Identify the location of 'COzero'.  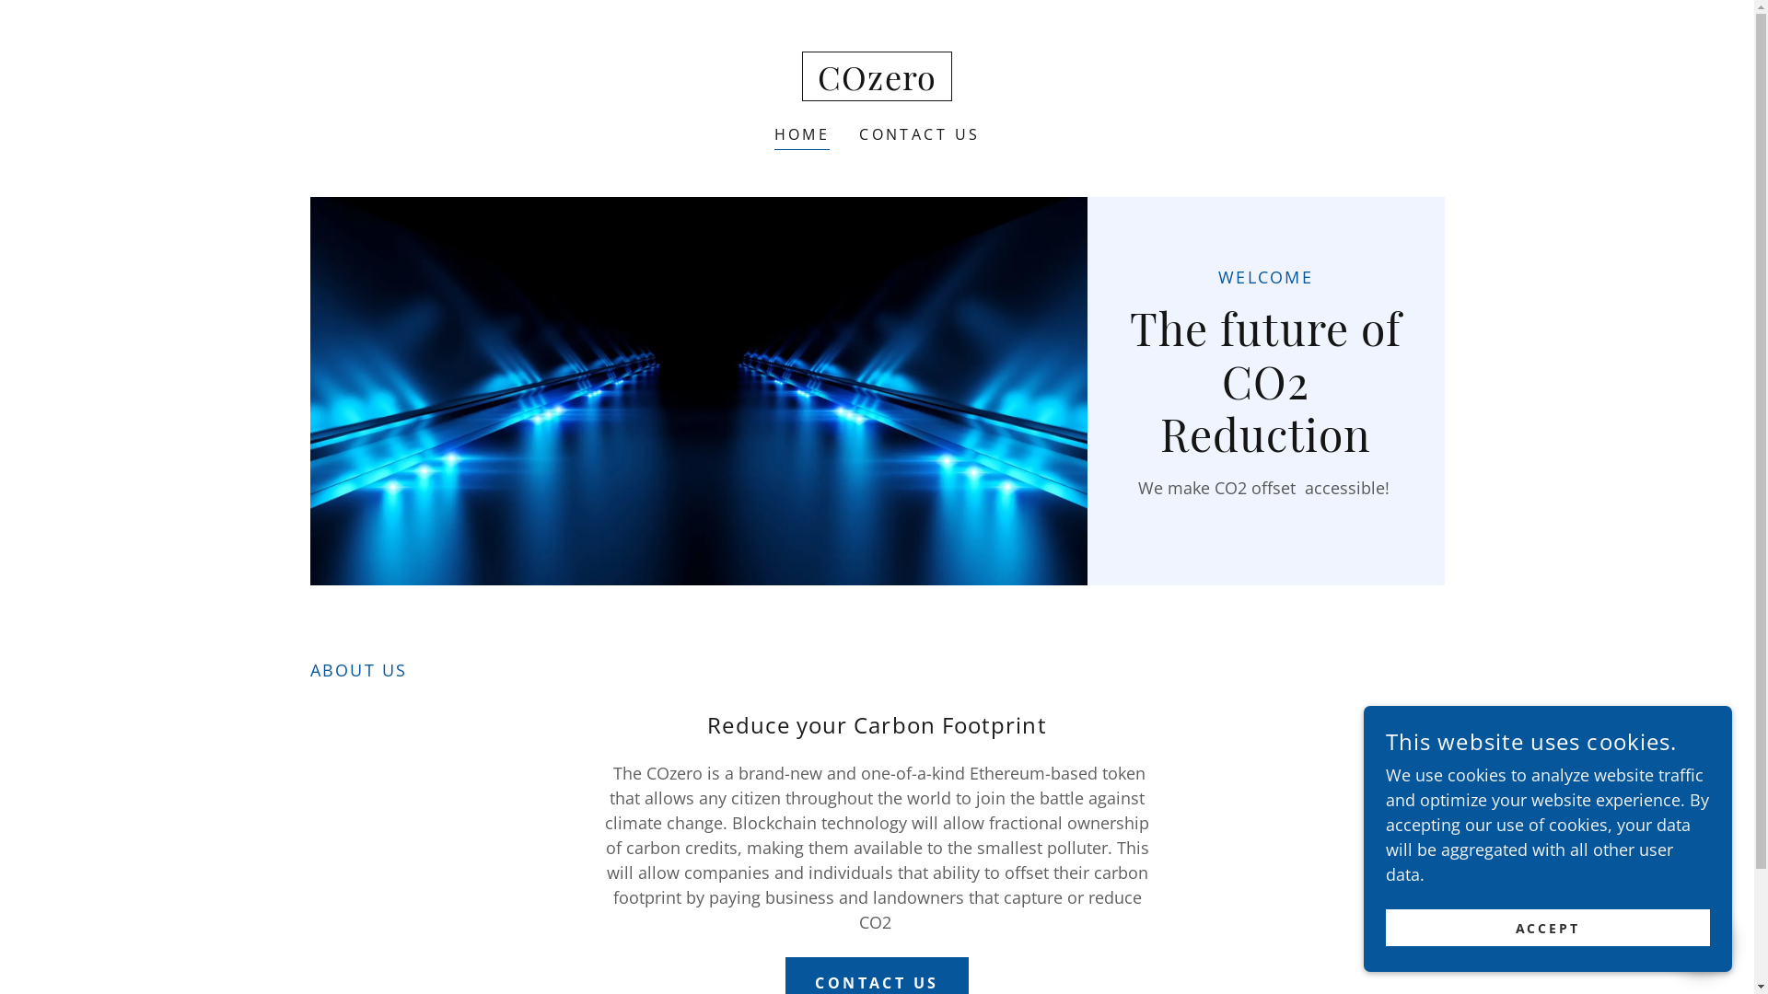
(876, 84).